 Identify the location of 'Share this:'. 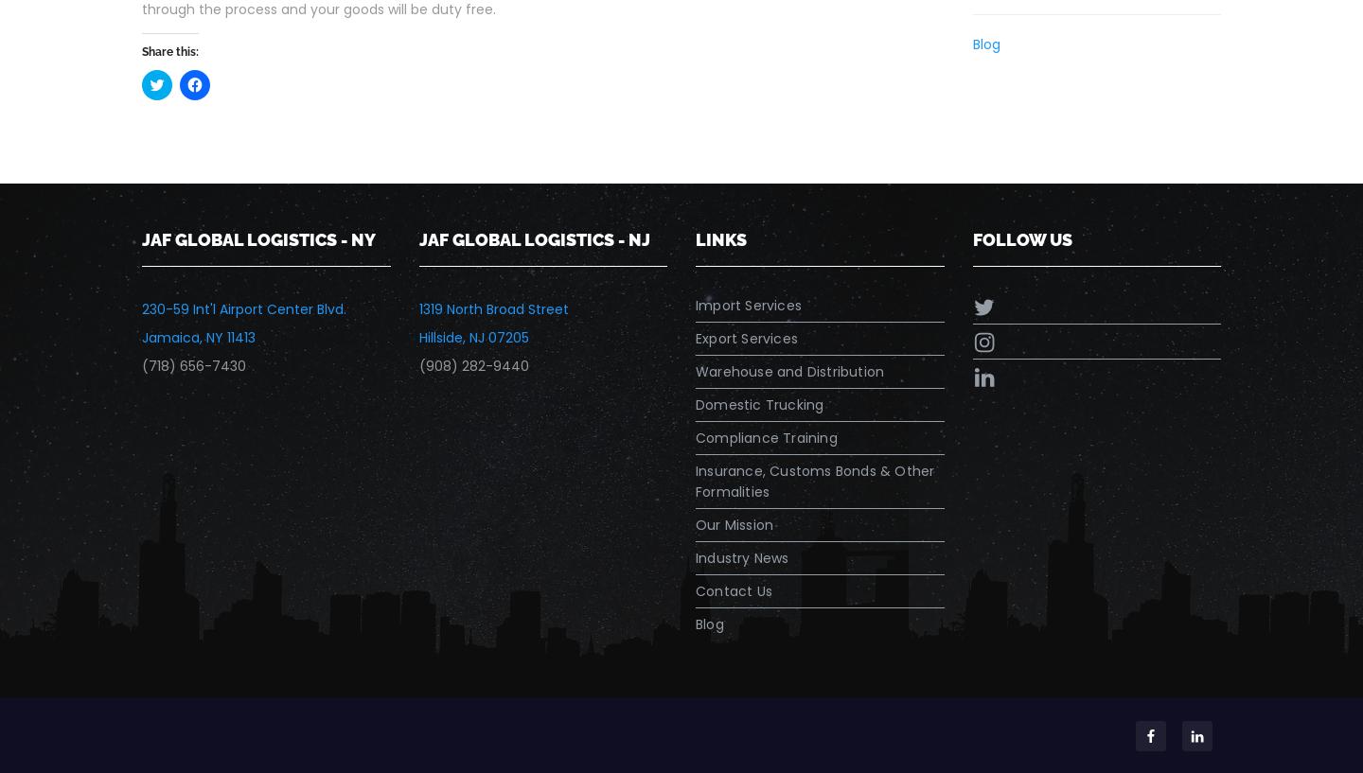
(169, 50).